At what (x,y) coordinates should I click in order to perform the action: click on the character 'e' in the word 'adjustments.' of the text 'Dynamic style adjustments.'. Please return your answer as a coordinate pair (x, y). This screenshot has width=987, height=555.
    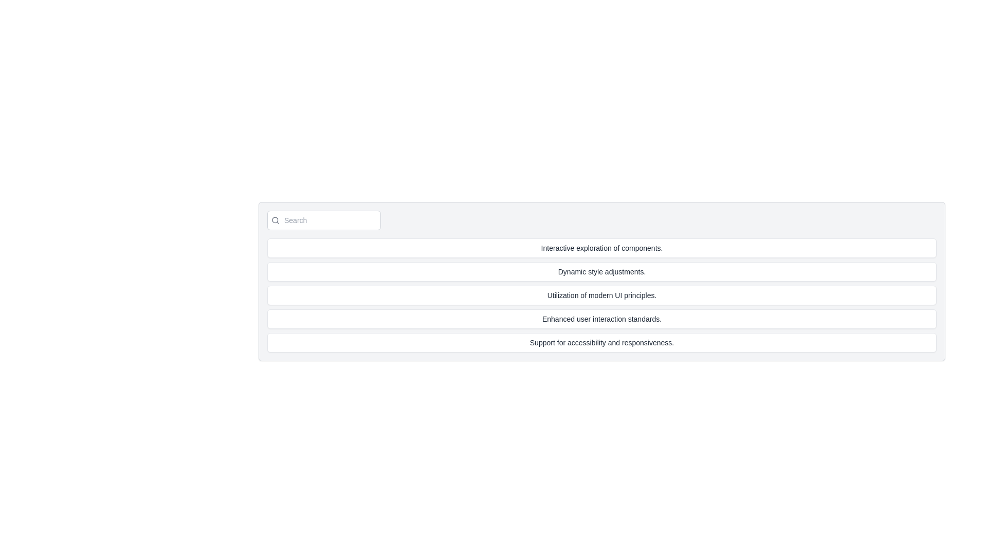
    Looking at the image, I should click on (631, 271).